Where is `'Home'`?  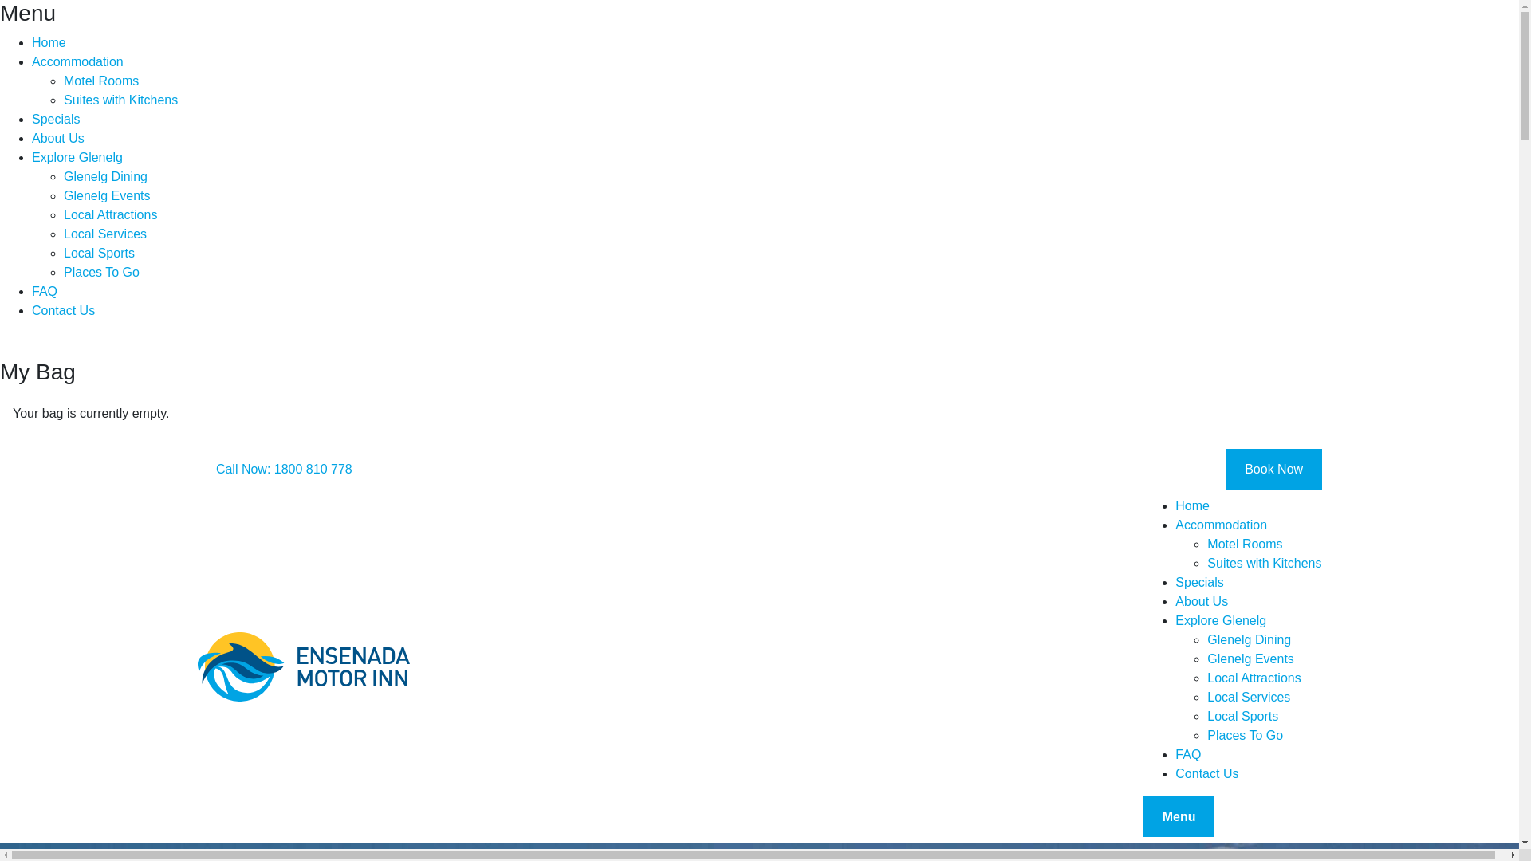 'Home' is located at coordinates (1247, 506).